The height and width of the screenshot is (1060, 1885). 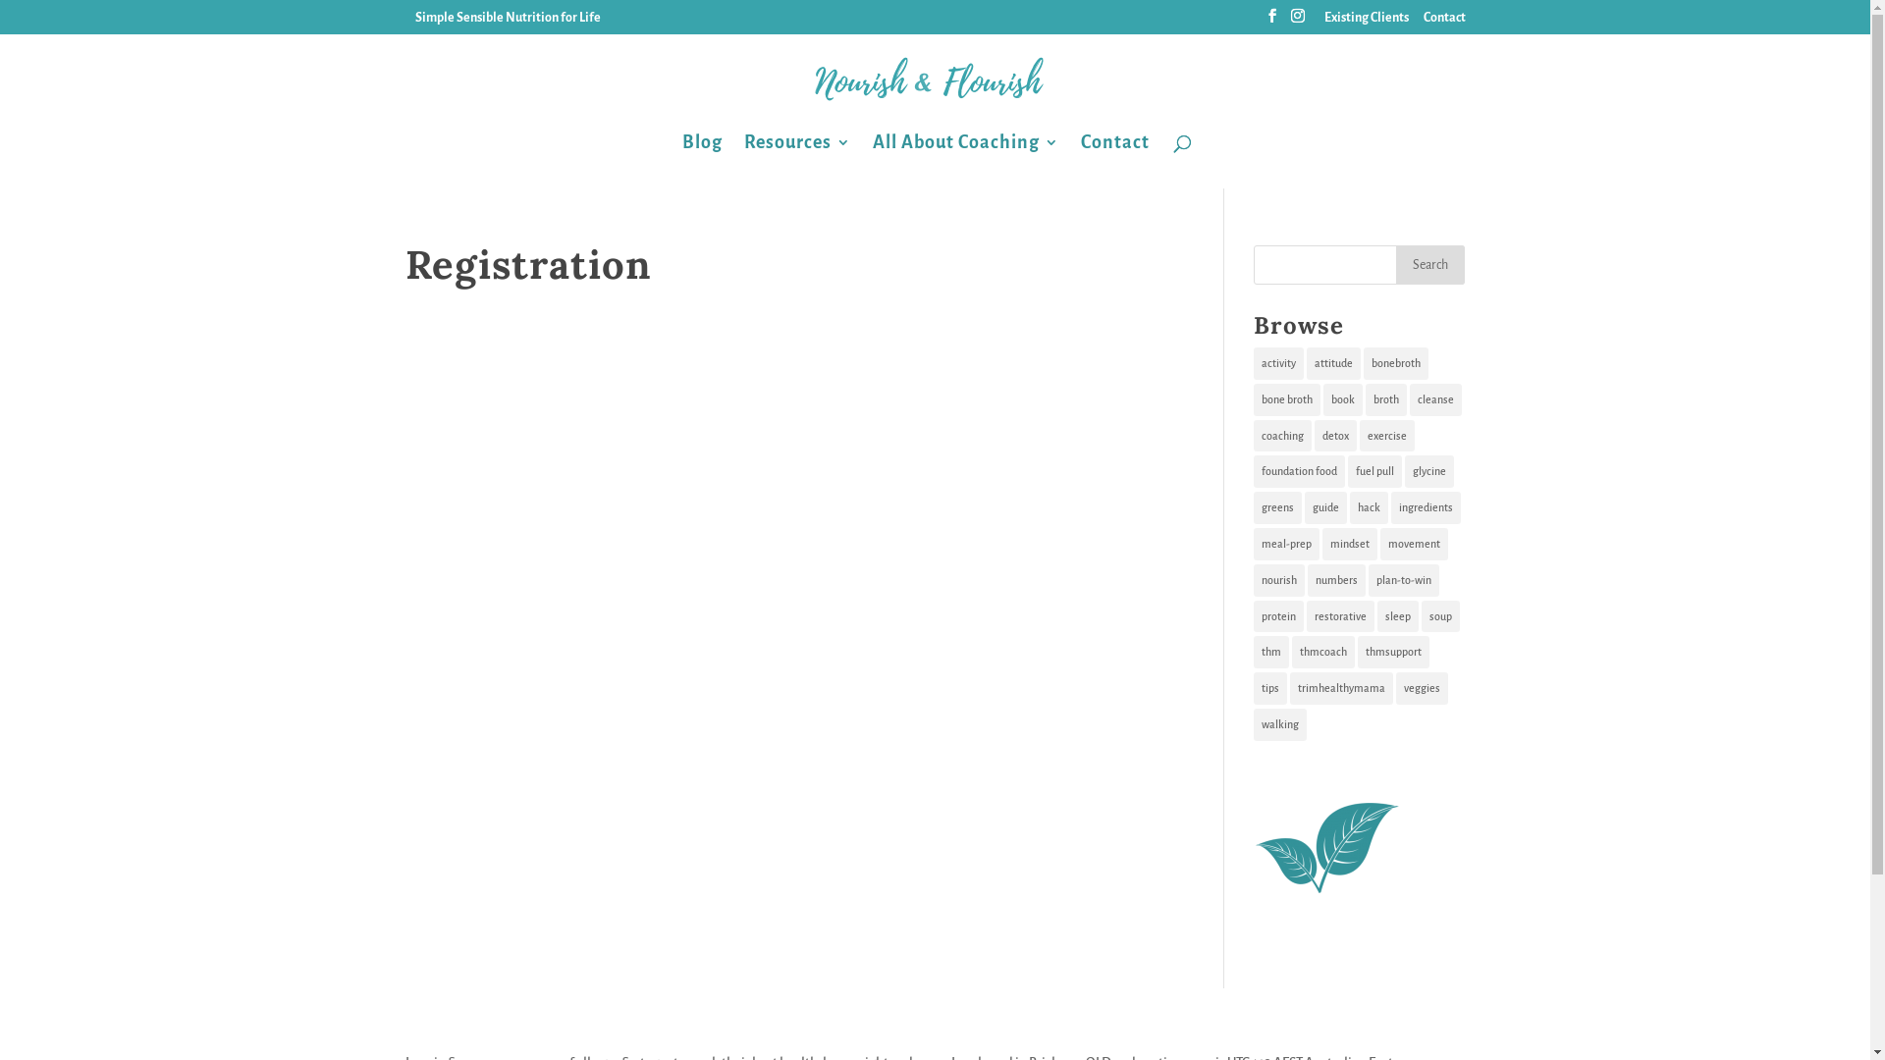 What do you see at coordinates (1278, 579) in the screenshot?
I see `'nourish'` at bounding box center [1278, 579].